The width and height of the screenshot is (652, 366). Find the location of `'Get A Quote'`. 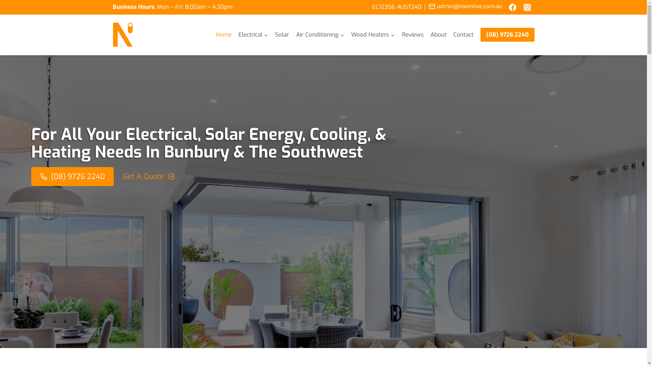

'Get A Quote' is located at coordinates (116, 176).